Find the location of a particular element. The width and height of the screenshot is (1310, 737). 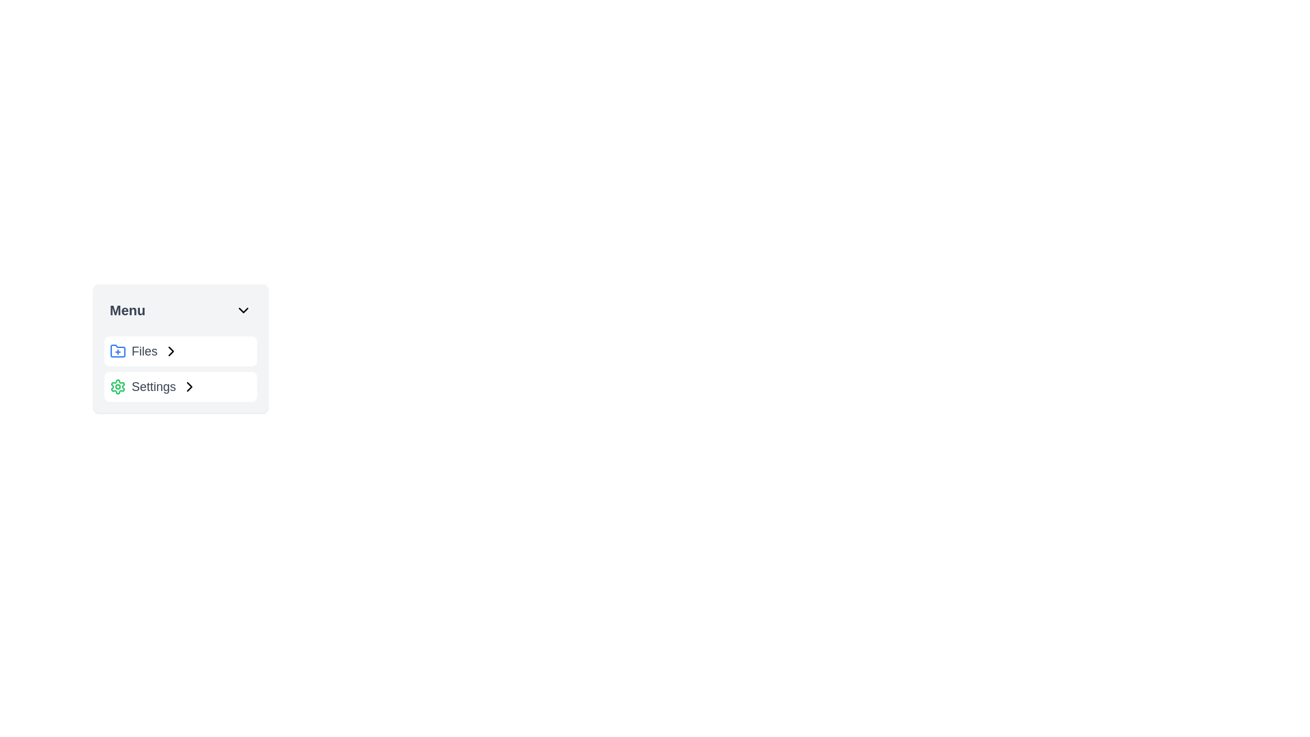

the gear icon with a green border located to the left of the 'Settings' text in the menu section is located at coordinates (117, 387).